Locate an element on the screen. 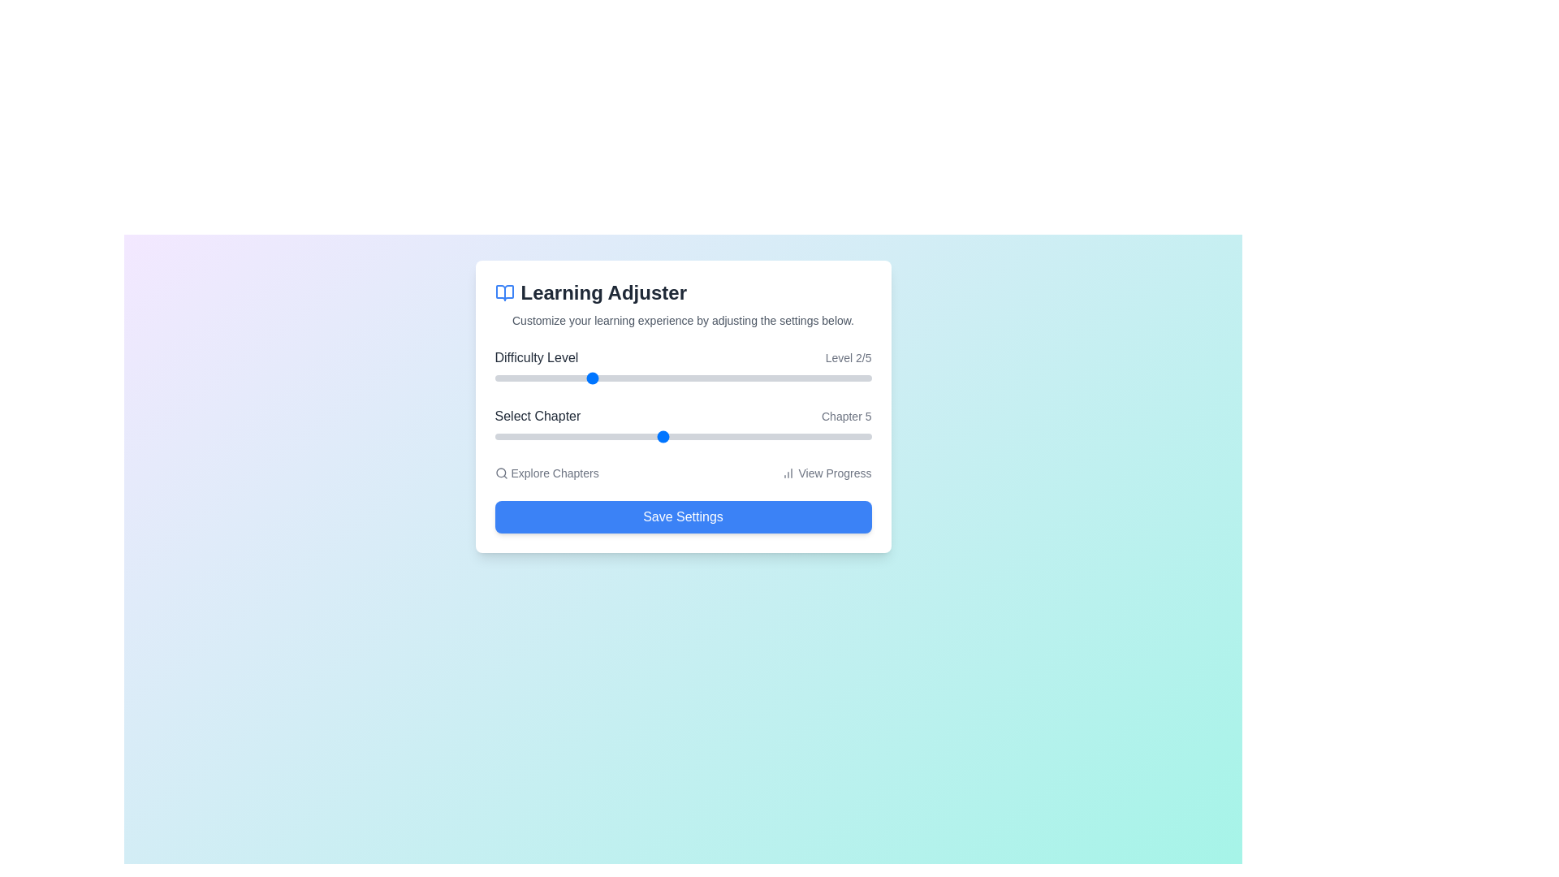 The image size is (1559, 877). the Text label that displays the currently selected chapter in the 'Select Chapter' section, located to the right of 'Select Chapter' is located at coordinates (845, 416).